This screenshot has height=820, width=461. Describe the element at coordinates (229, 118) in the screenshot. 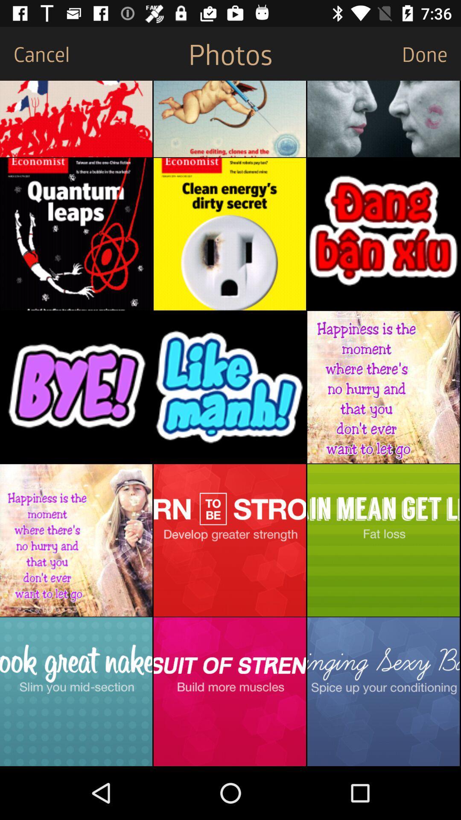

I see `the item below photos item` at that location.